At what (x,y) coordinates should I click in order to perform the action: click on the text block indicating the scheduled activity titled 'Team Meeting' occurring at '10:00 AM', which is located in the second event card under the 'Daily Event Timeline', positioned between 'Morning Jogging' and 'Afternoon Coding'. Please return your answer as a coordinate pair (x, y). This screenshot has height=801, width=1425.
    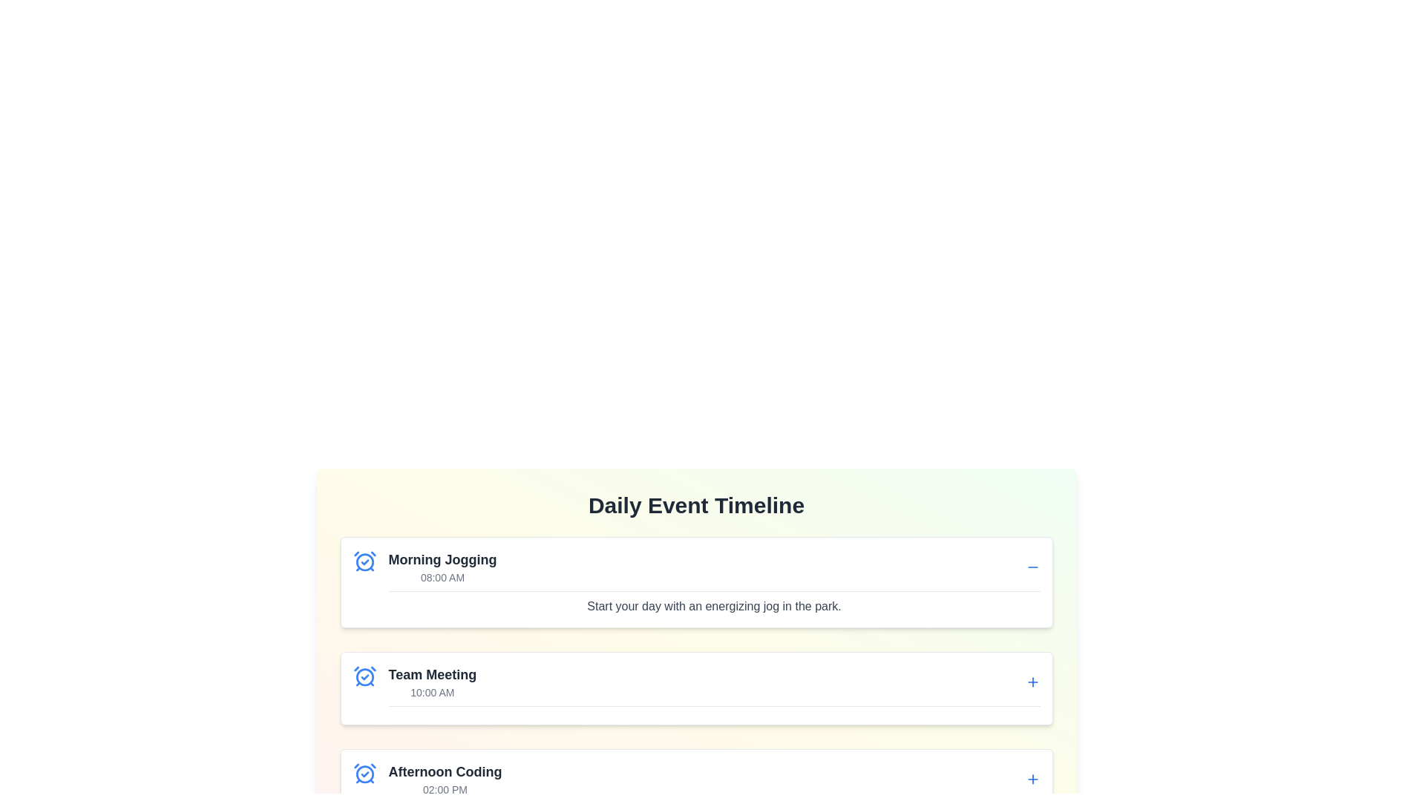
    Looking at the image, I should click on (431, 682).